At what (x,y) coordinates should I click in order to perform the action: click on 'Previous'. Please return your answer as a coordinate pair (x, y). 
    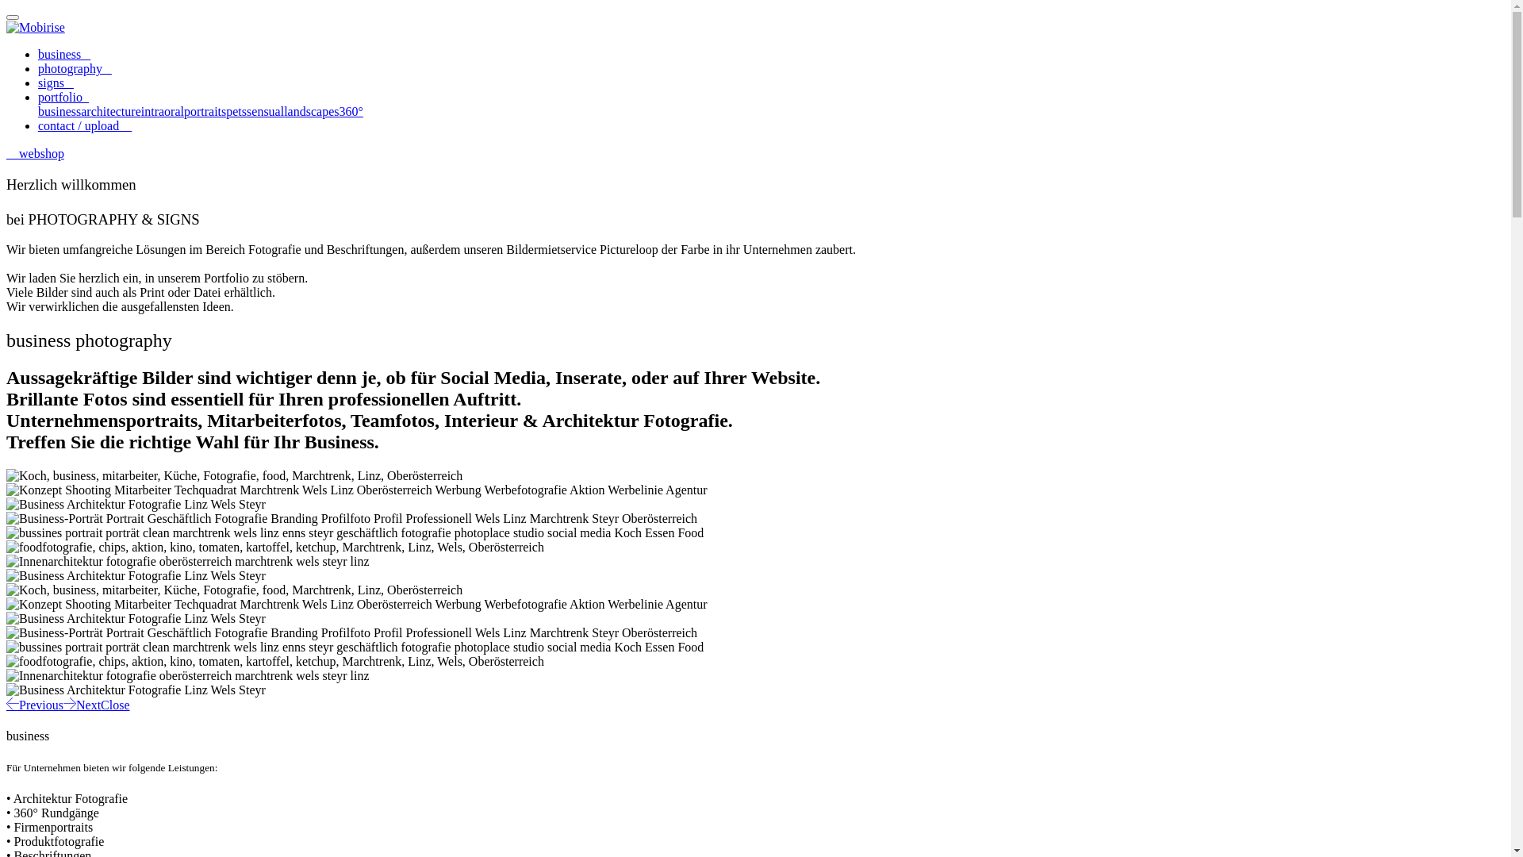
    Looking at the image, I should click on (34, 704).